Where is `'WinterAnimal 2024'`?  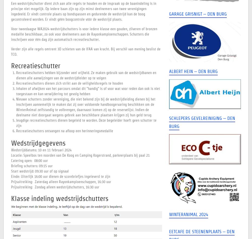
'WinterAnimal 2024' is located at coordinates (188, 214).